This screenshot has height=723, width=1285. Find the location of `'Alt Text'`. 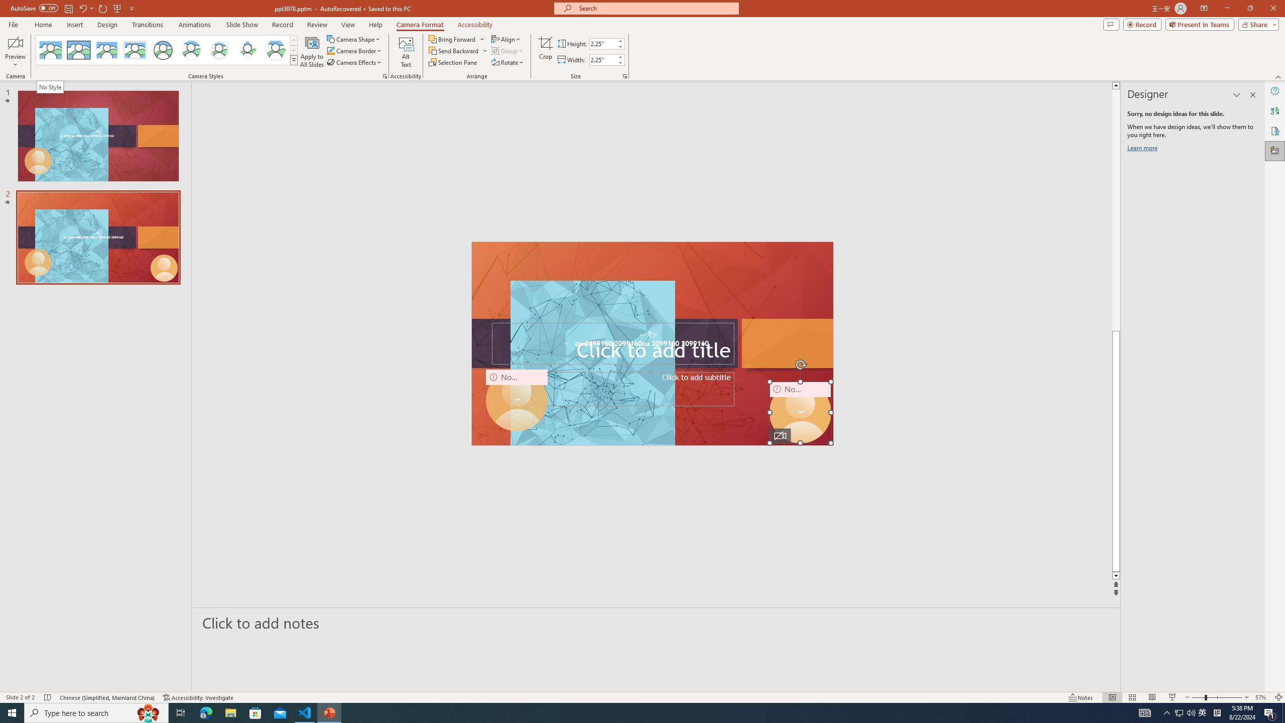

'Alt Text' is located at coordinates (405, 52).